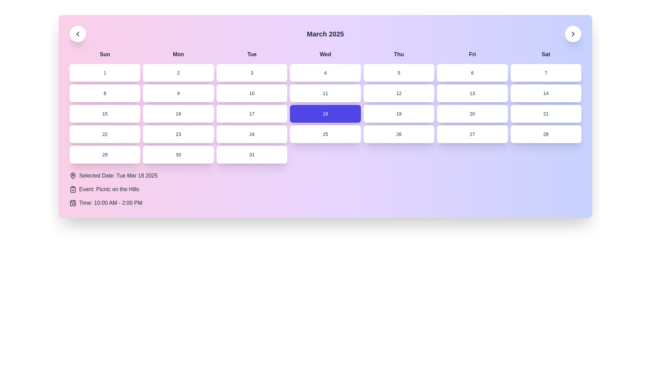 The width and height of the screenshot is (655, 368). What do you see at coordinates (74, 204) in the screenshot?
I see `the SVG Circle element that resembles a clock face located at the bottom left corner of the calendar interface` at bounding box center [74, 204].